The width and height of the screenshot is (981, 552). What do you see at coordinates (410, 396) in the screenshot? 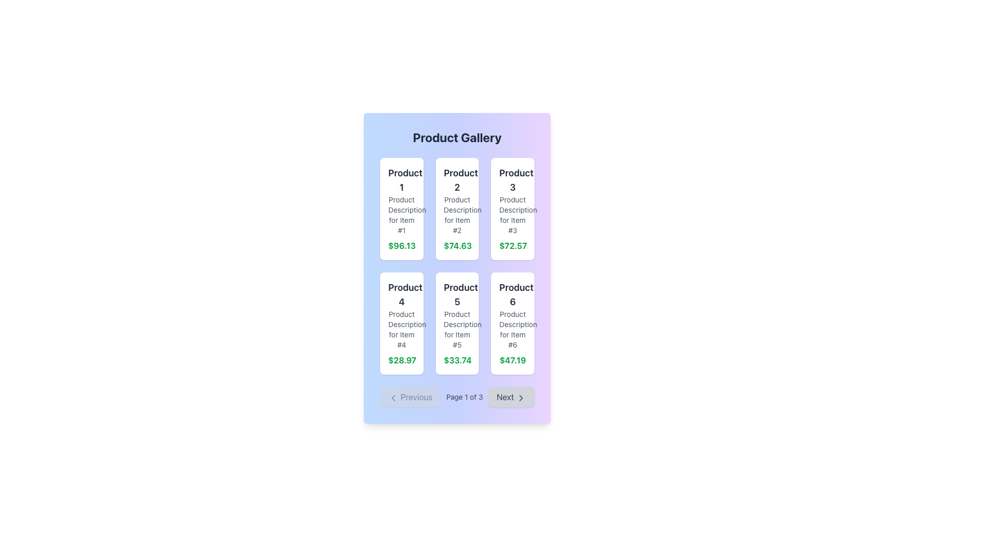
I see `the 'Previous' button located at the bottom left of the control group` at bounding box center [410, 396].